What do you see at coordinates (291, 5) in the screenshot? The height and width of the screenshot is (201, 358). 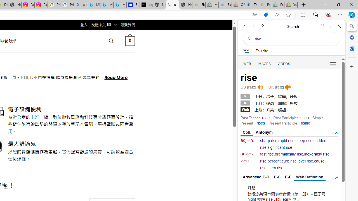 I see `'Yard, Garden & Outdoor Living - Sleeping'` at bounding box center [291, 5].